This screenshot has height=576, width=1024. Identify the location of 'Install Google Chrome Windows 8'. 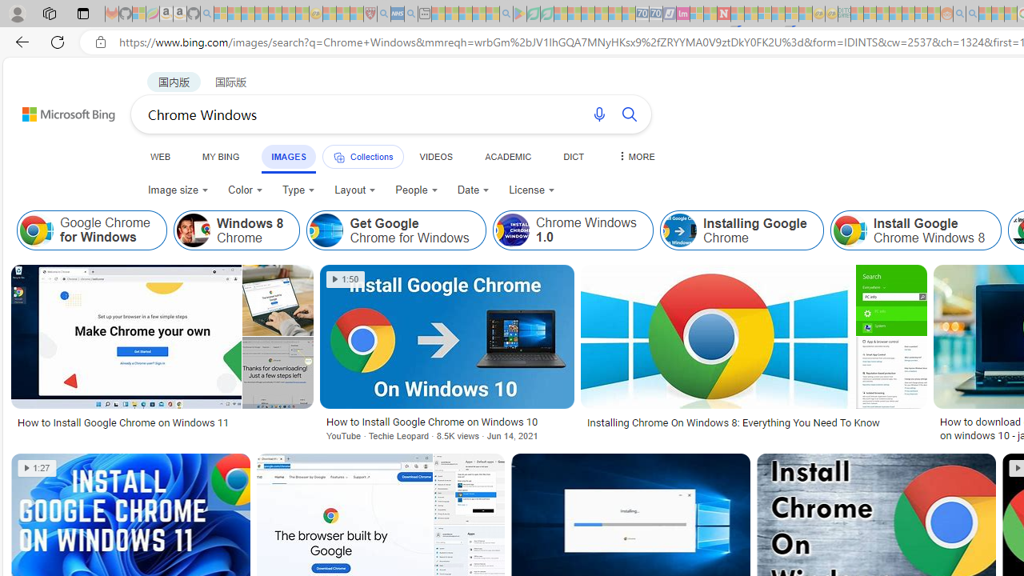
(915, 230).